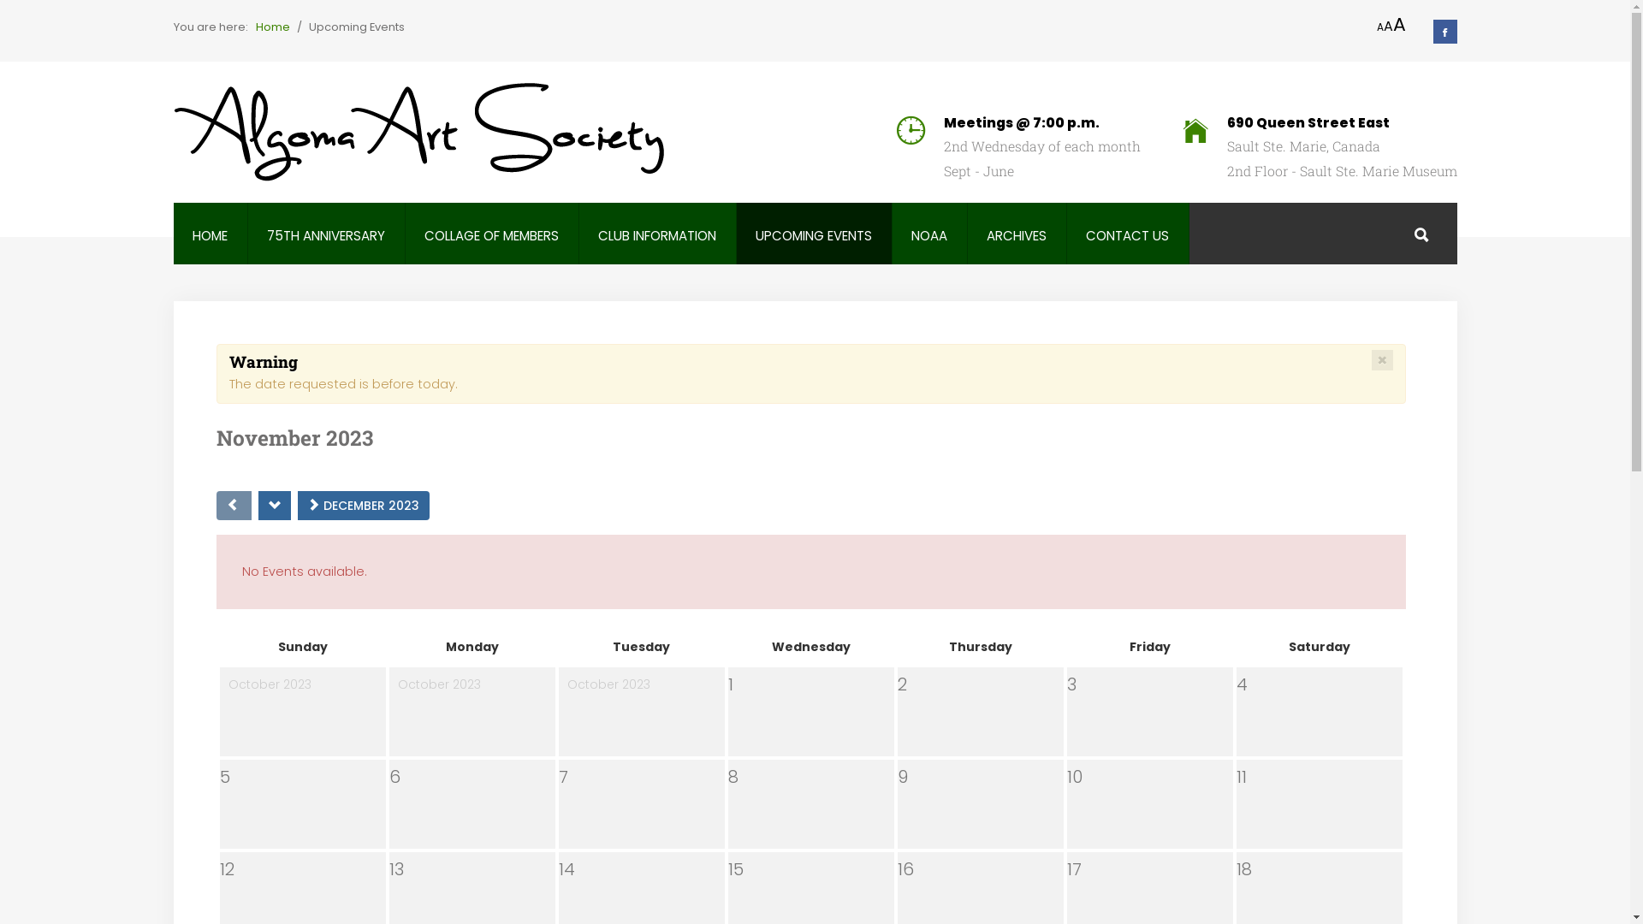 Image resolution: width=1643 pixels, height=924 pixels. What do you see at coordinates (490, 235) in the screenshot?
I see `'COLLAGE OF MEMBERS'` at bounding box center [490, 235].